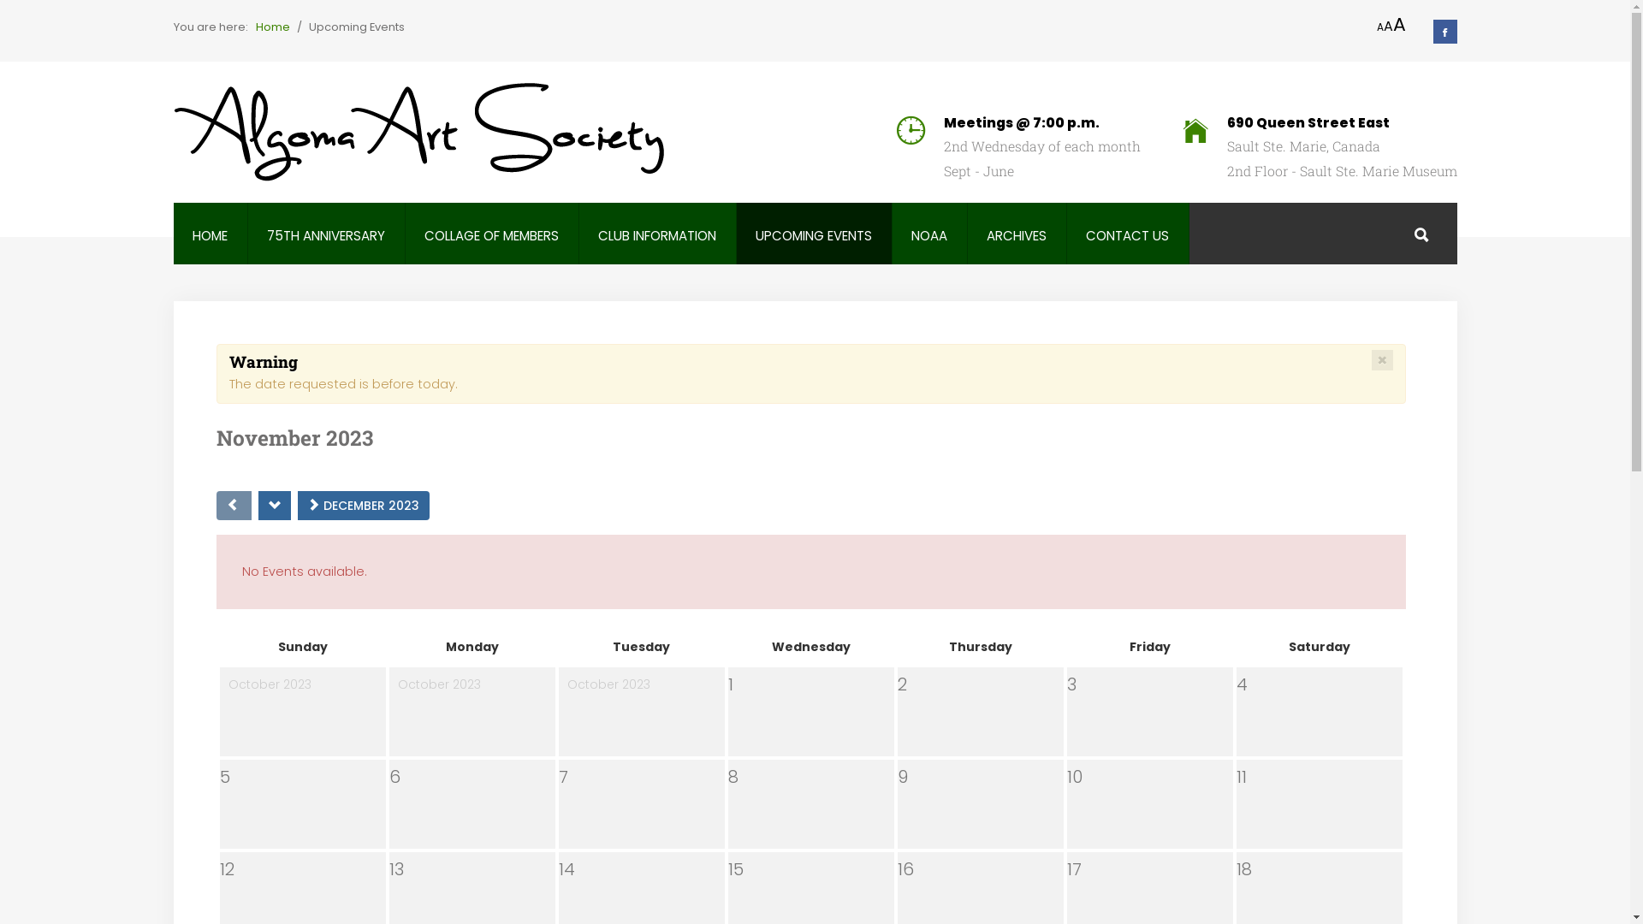 Image resolution: width=1643 pixels, height=924 pixels. What do you see at coordinates (490, 235) in the screenshot?
I see `'COLLAGE OF MEMBERS'` at bounding box center [490, 235].